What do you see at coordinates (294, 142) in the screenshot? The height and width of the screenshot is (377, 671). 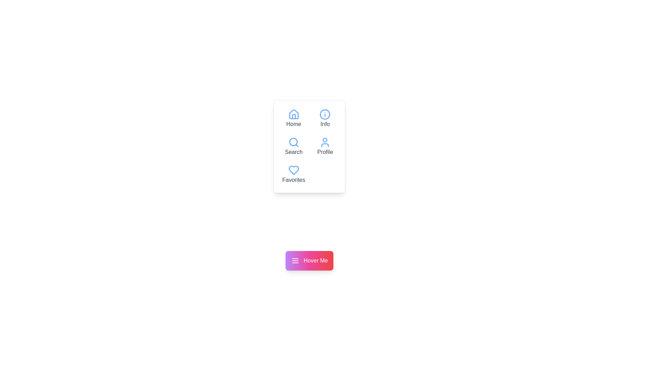 I see `the search icon located in the second row and first column of the grid layout` at bounding box center [294, 142].